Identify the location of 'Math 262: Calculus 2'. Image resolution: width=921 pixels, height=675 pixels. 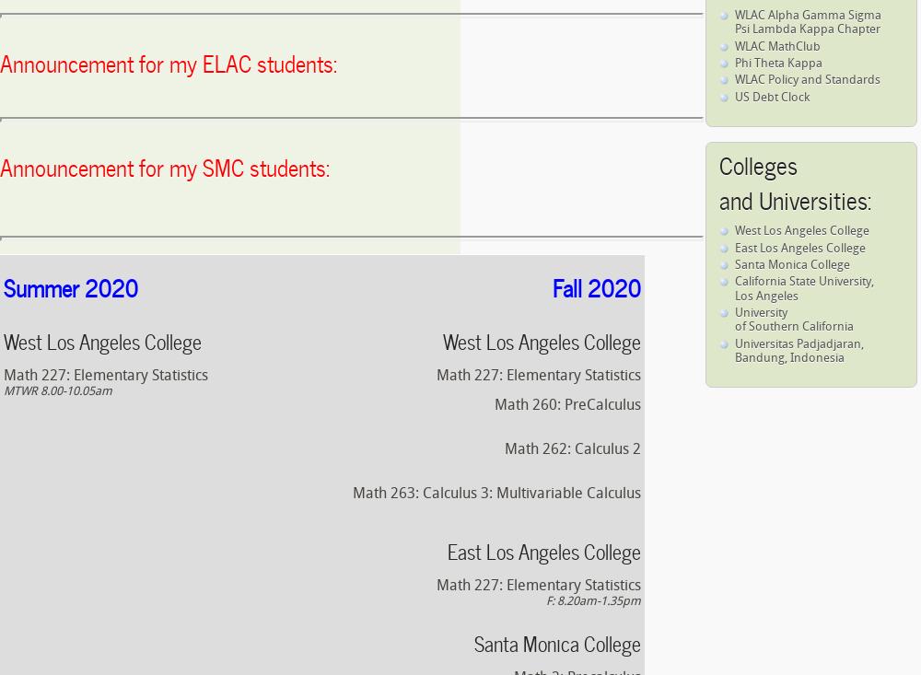
(572, 448).